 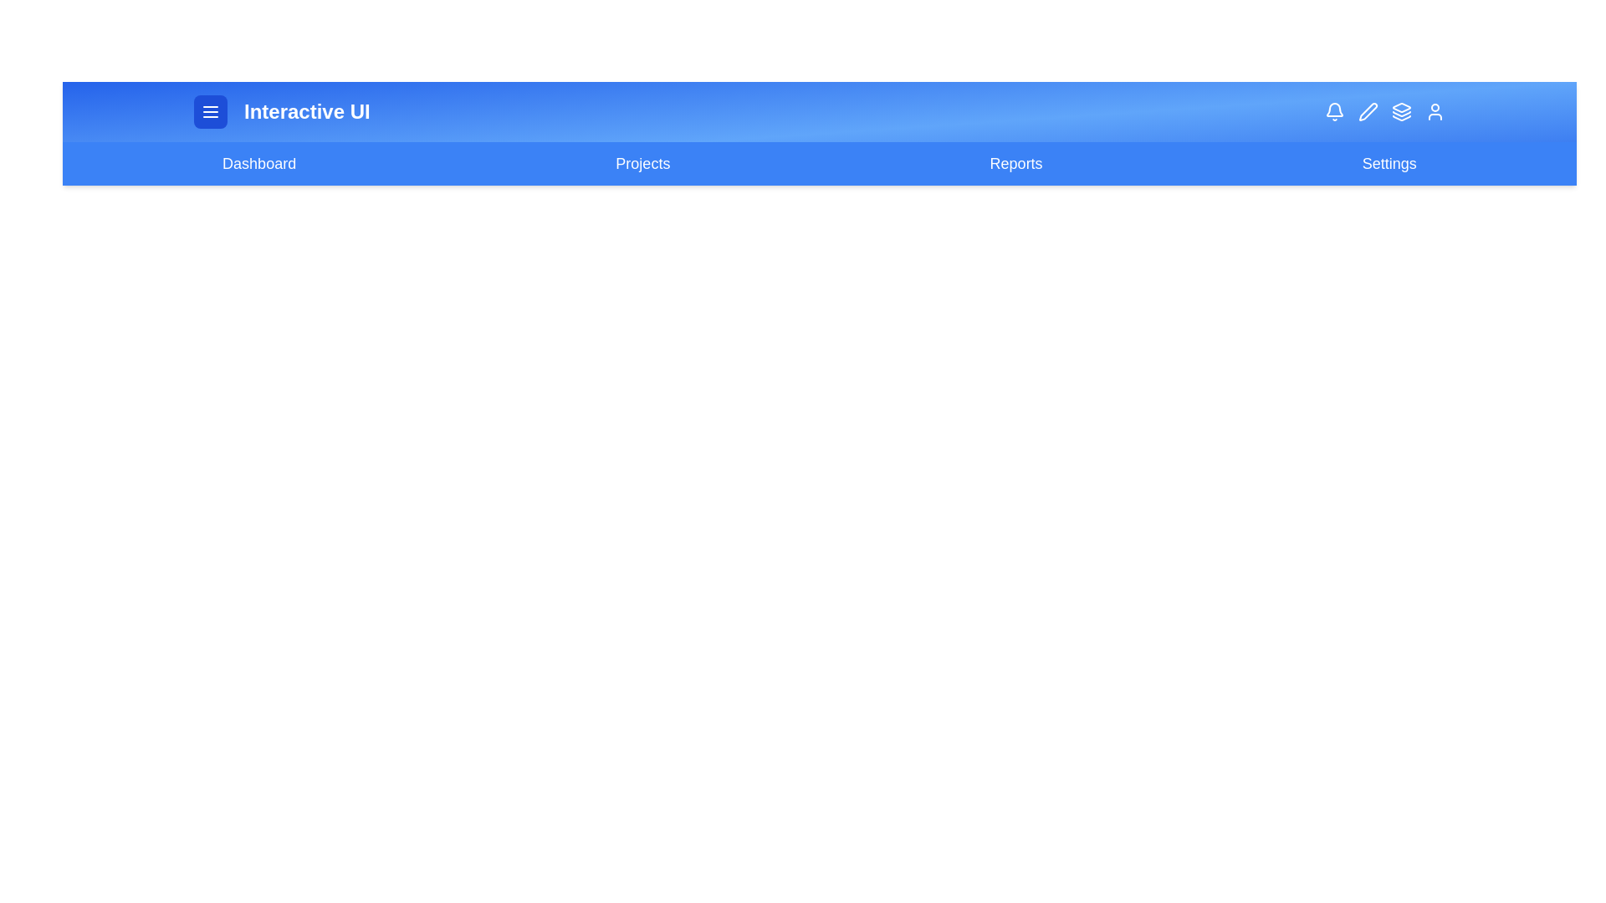 I want to click on the Pen icon button in the top-right corner, so click(x=1368, y=112).